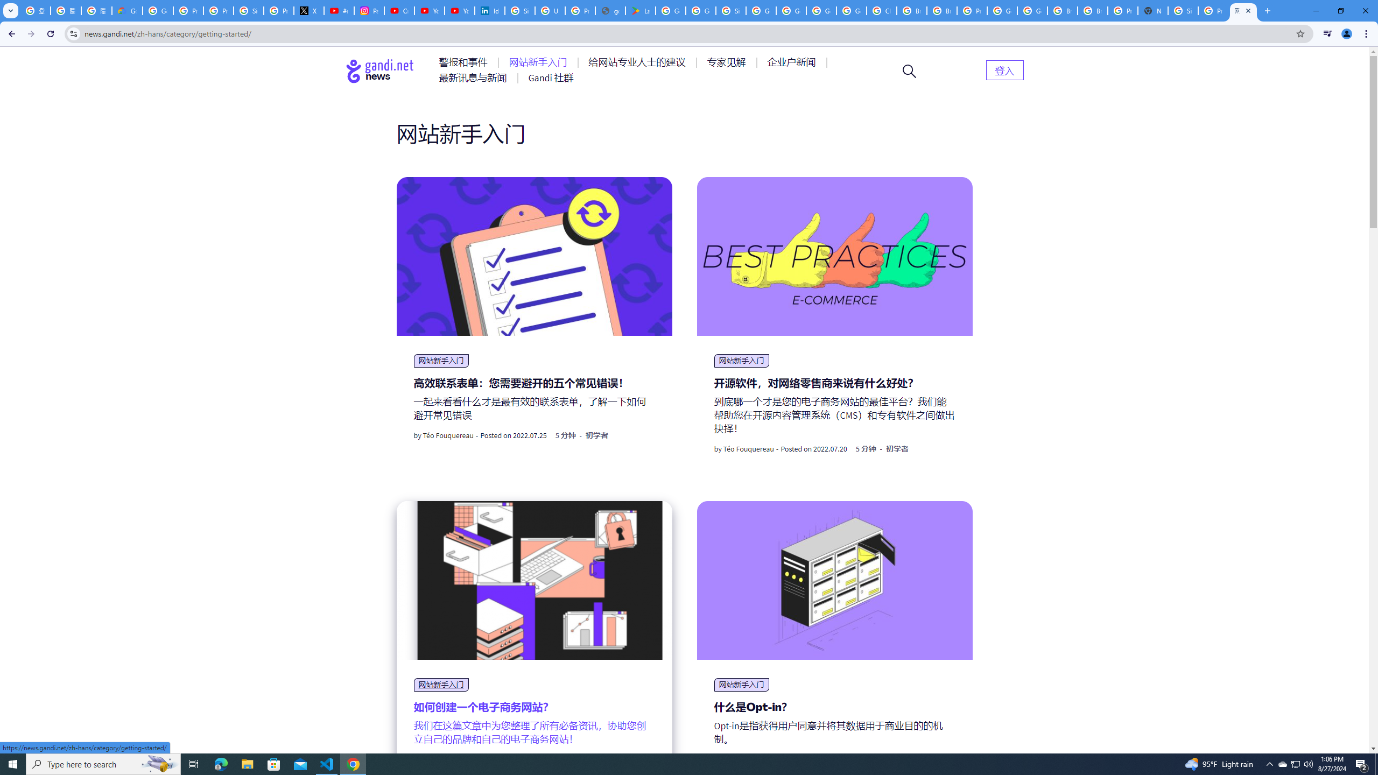 The width and height of the screenshot is (1378, 775). I want to click on 'Open search form', so click(909, 70).